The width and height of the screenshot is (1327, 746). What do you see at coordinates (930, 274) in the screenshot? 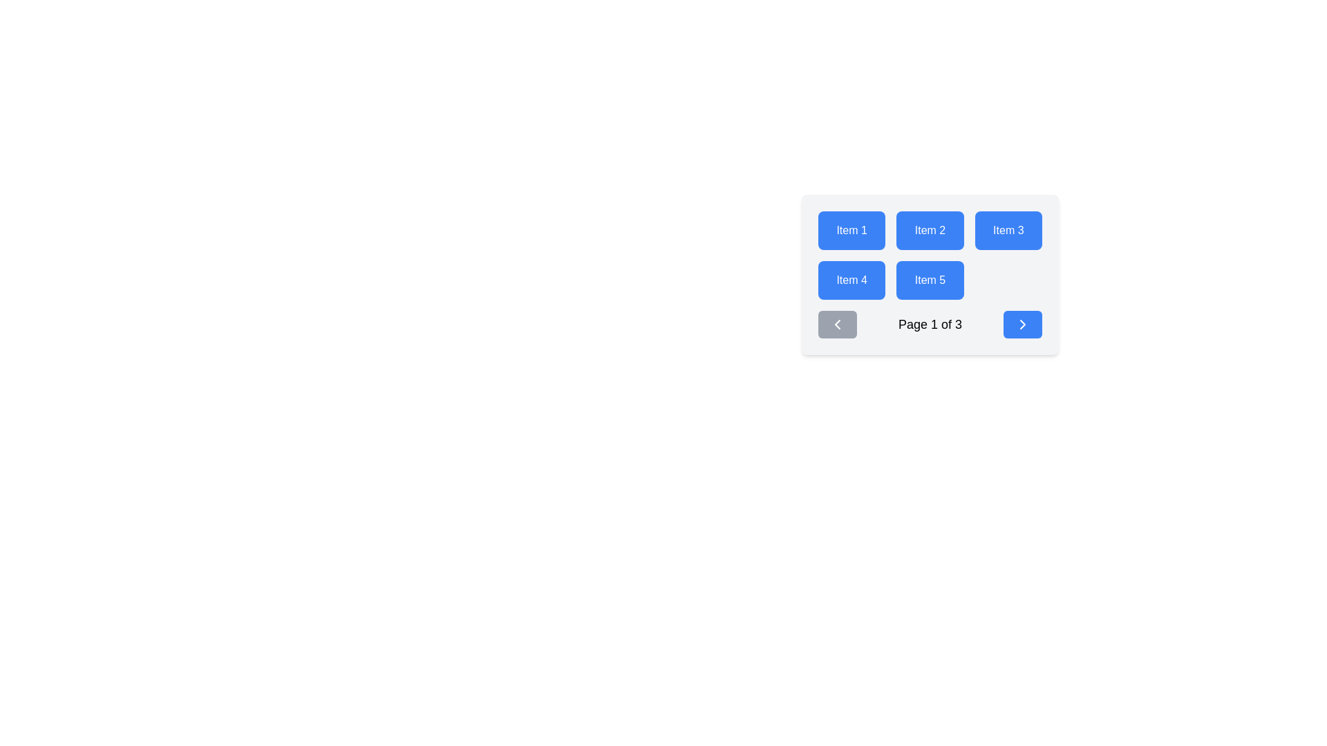
I see `the grid of buttons in the composite widget` at bounding box center [930, 274].